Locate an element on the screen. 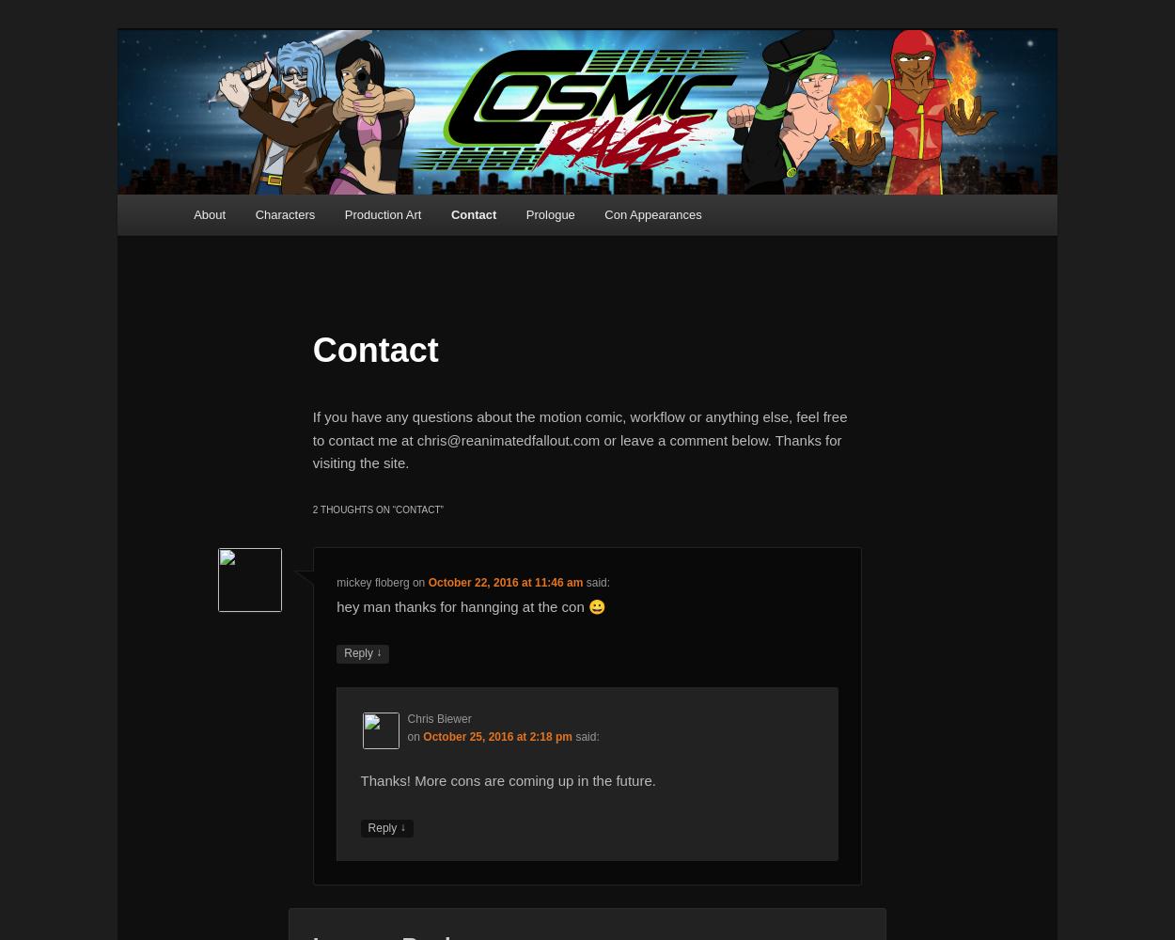 This screenshot has width=1175, height=940. 'Chris Biewer' is located at coordinates (438, 718).